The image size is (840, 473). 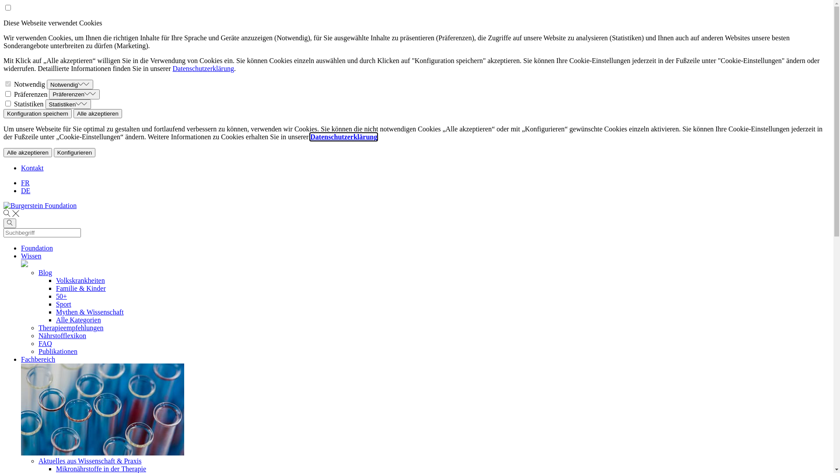 What do you see at coordinates (69, 84) in the screenshot?
I see `'Notwendig'` at bounding box center [69, 84].